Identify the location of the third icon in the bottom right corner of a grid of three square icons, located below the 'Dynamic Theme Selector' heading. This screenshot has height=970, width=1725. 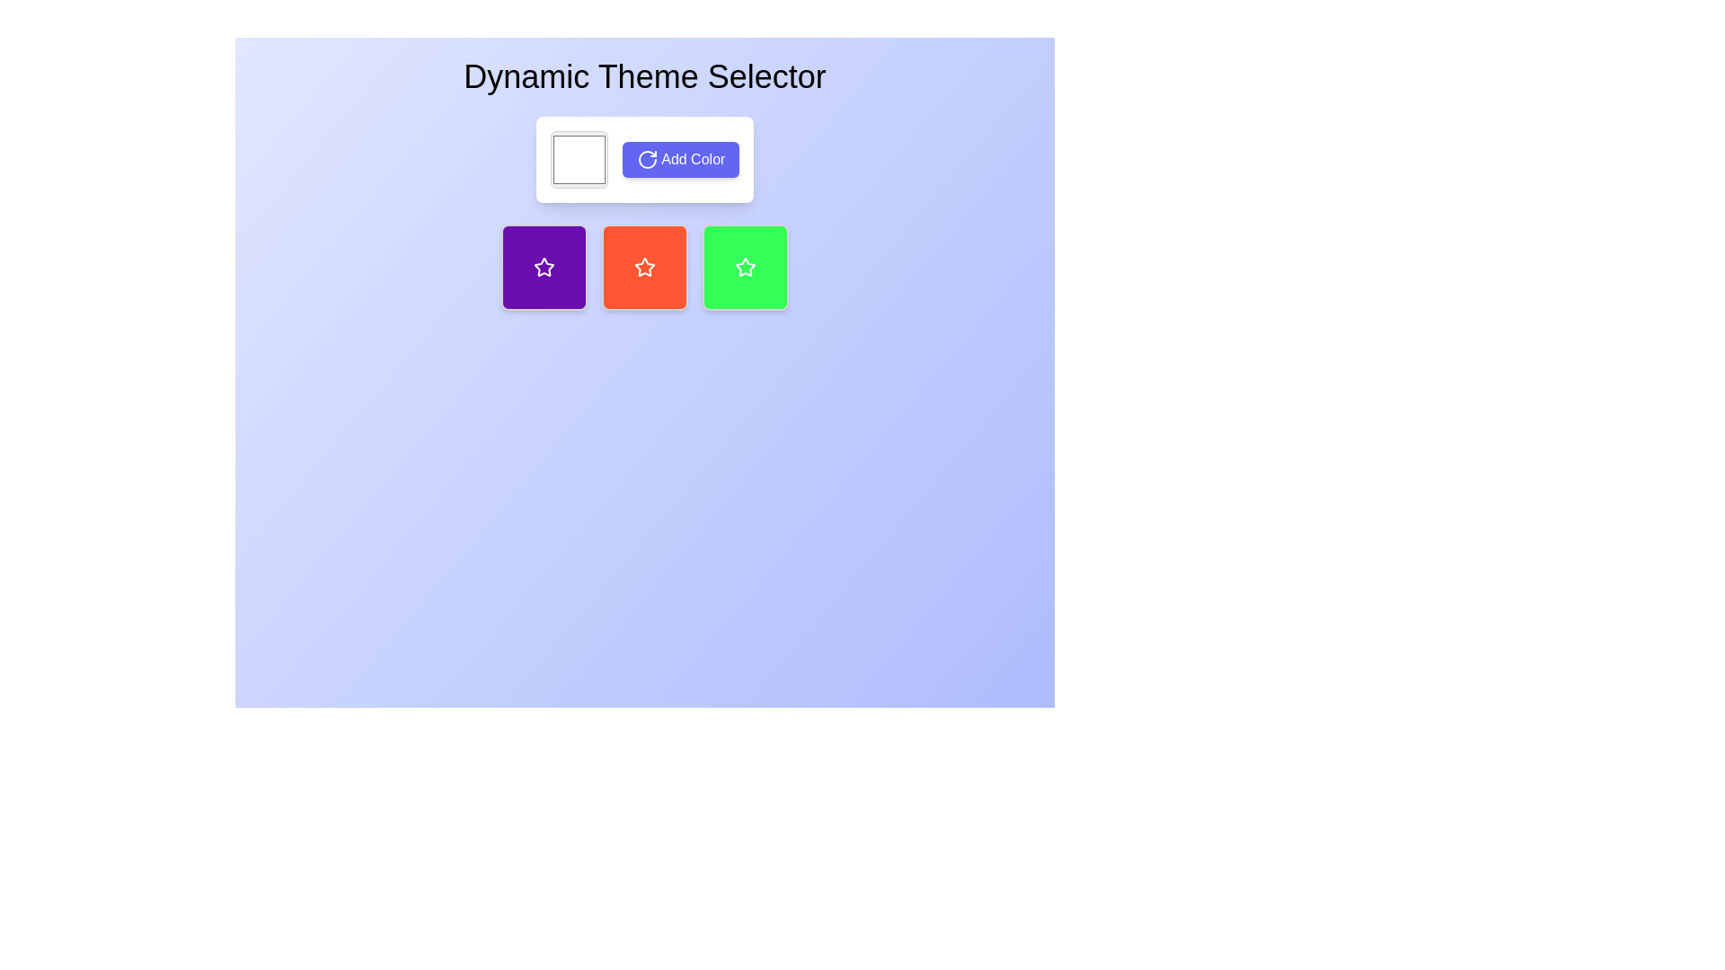
(746, 267).